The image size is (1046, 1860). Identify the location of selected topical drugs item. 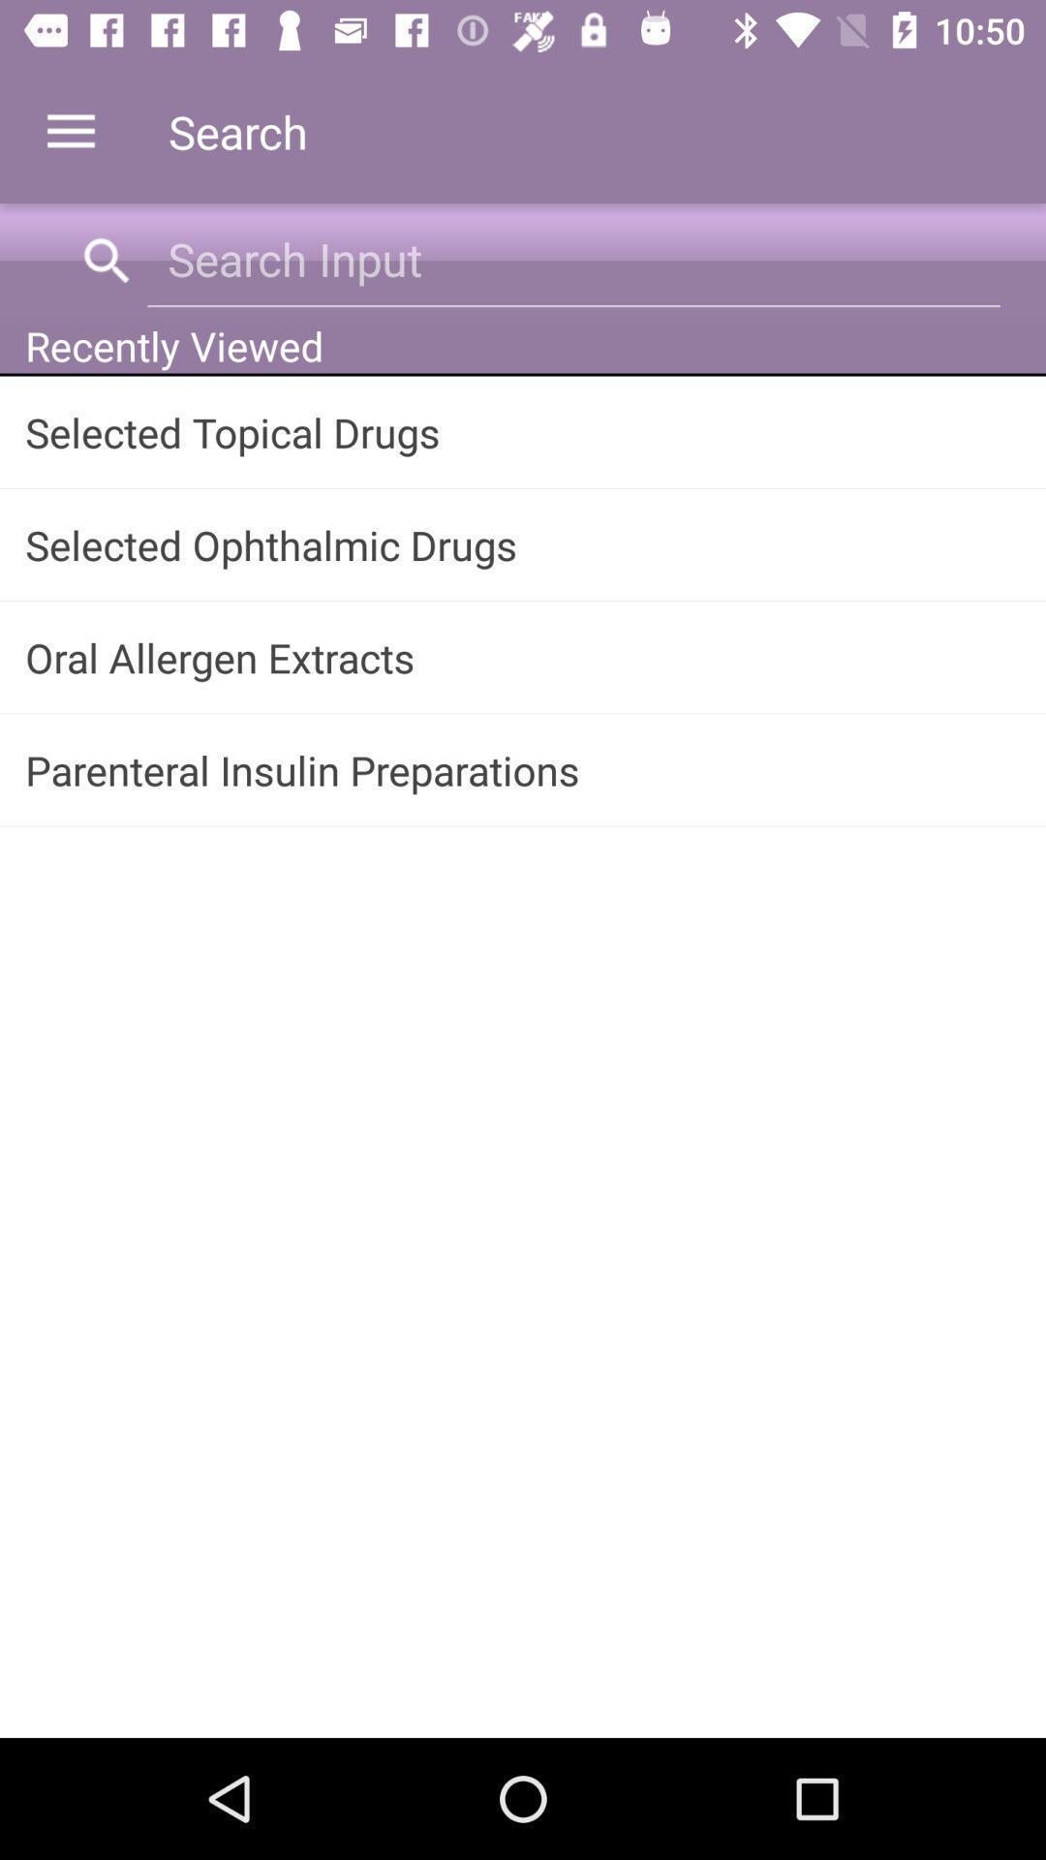
(523, 431).